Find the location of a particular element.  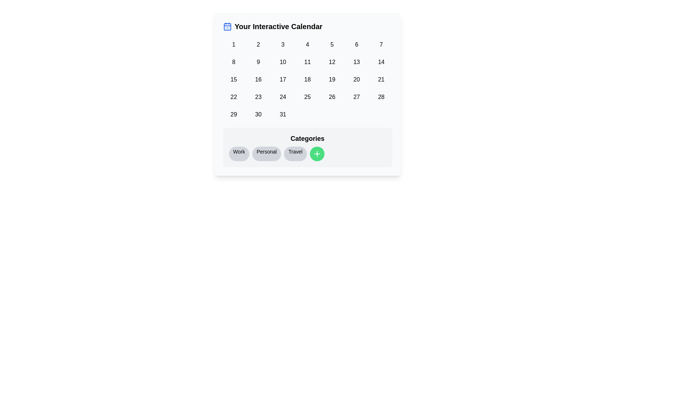

the calendar day button displaying '25', located in the 4th row and 4th column of the grid layout is located at coordinates (307, 96).